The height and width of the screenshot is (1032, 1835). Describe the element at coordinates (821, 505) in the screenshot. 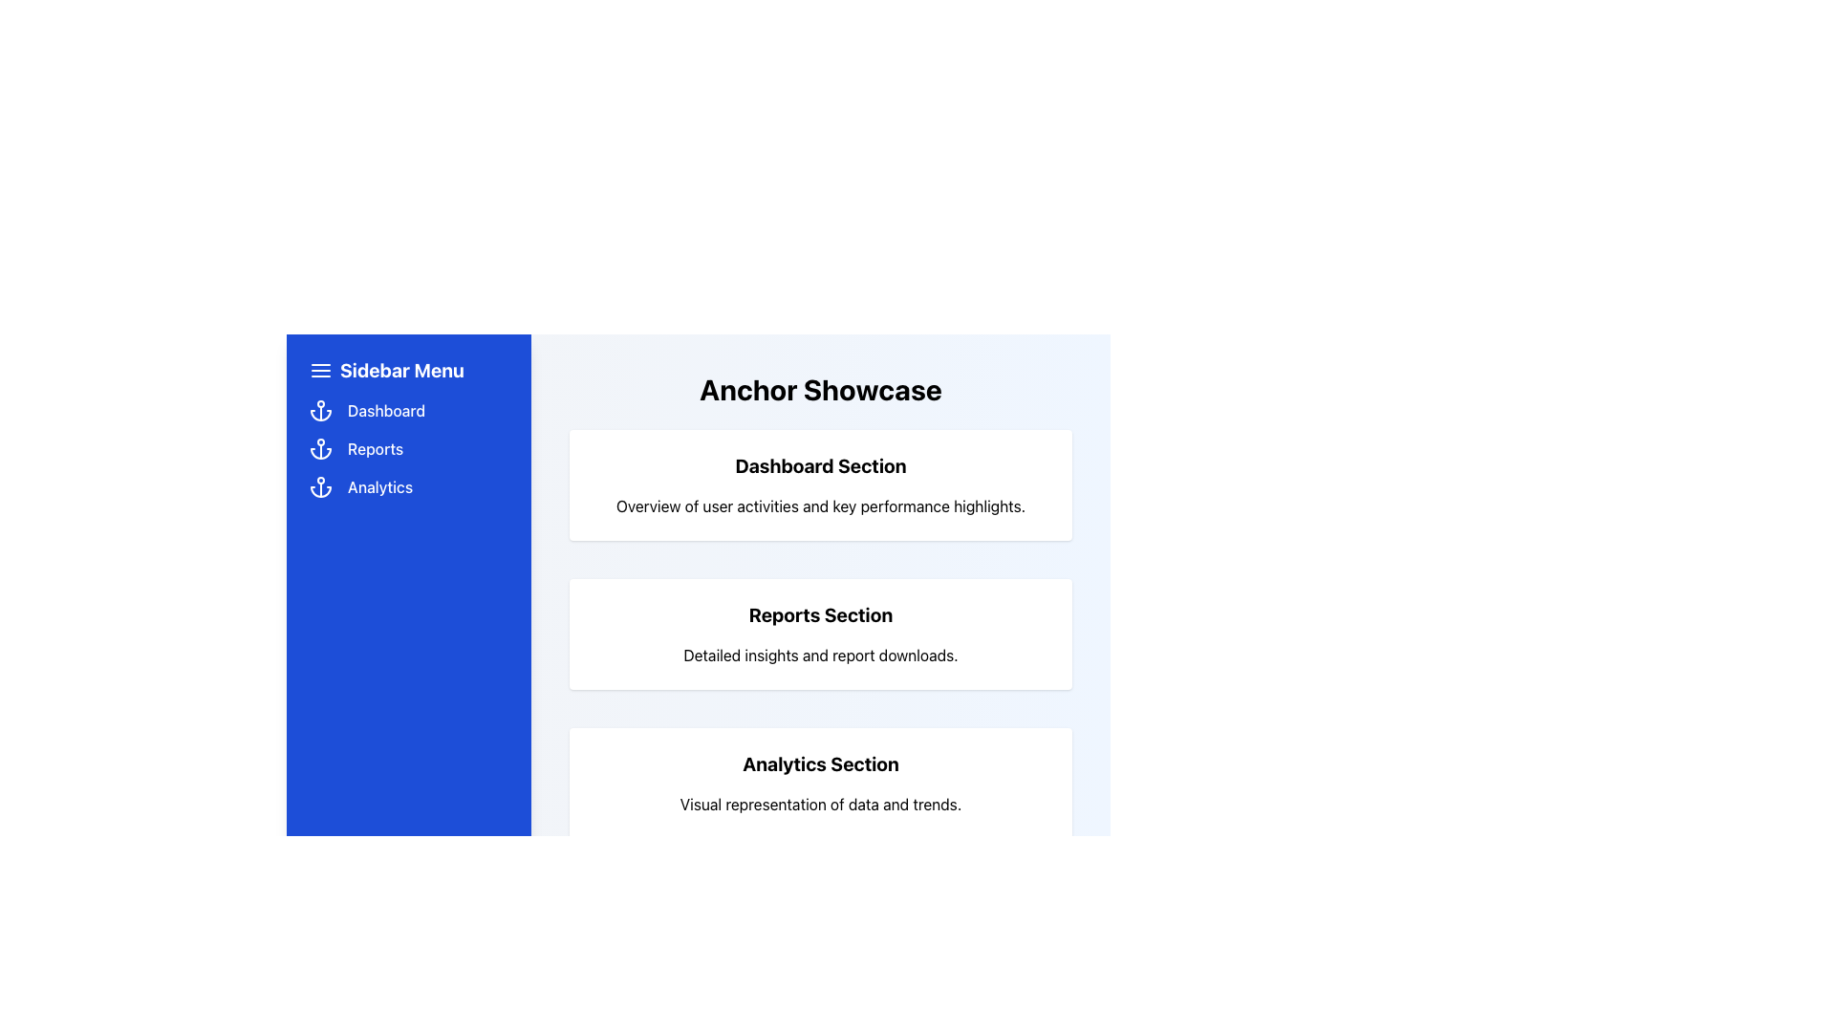

I see `information from the text label that states 'Overview of user activities and key performance highlights.' located below the header 'Dashboard Section' in the white card` at that location.